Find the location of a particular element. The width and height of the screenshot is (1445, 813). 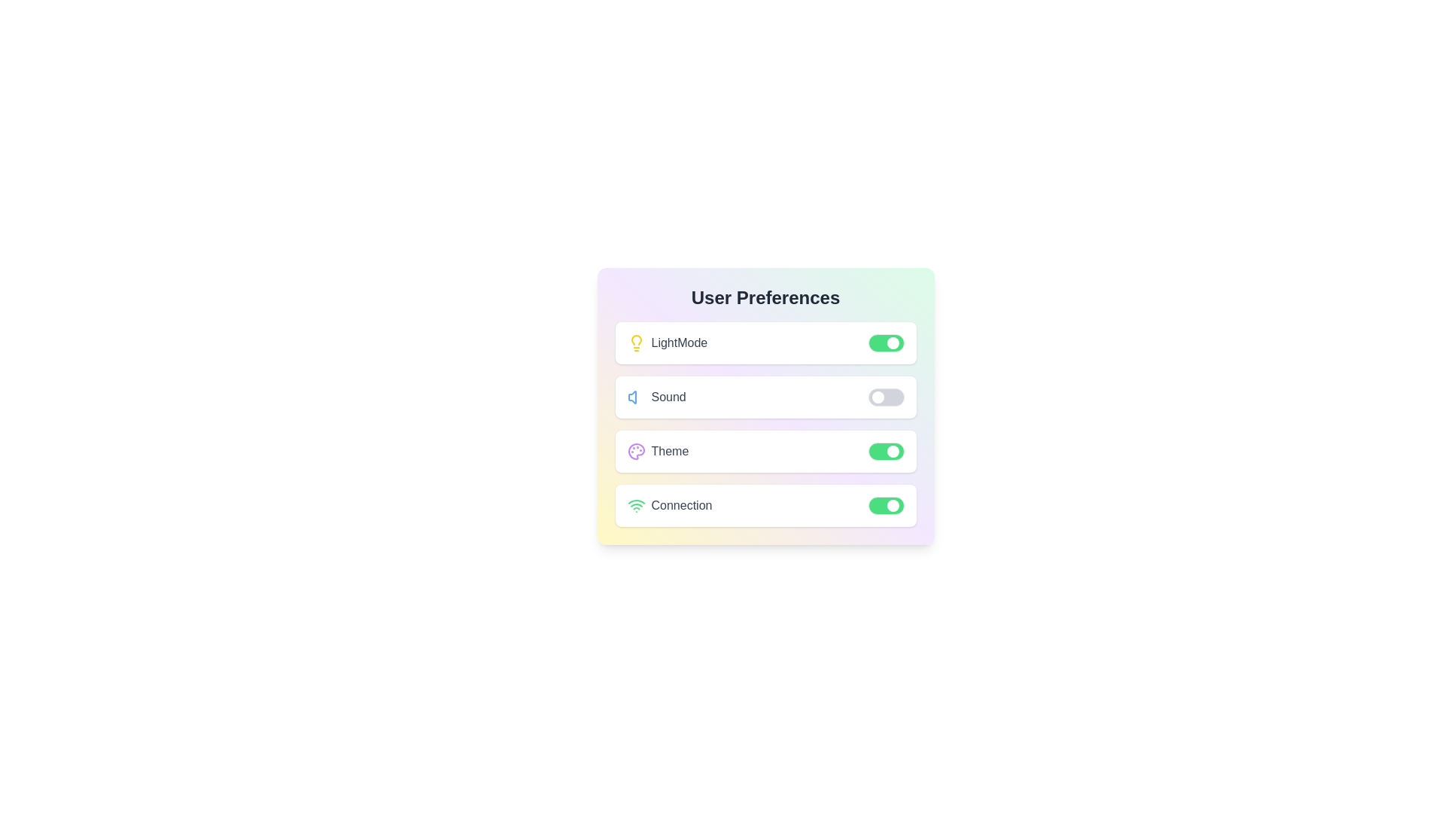

static text label that indicates the purpose of the associated toggle switch for enabling or disabling light mode, located in the user preferences panel is located at coordinates (678, 343).